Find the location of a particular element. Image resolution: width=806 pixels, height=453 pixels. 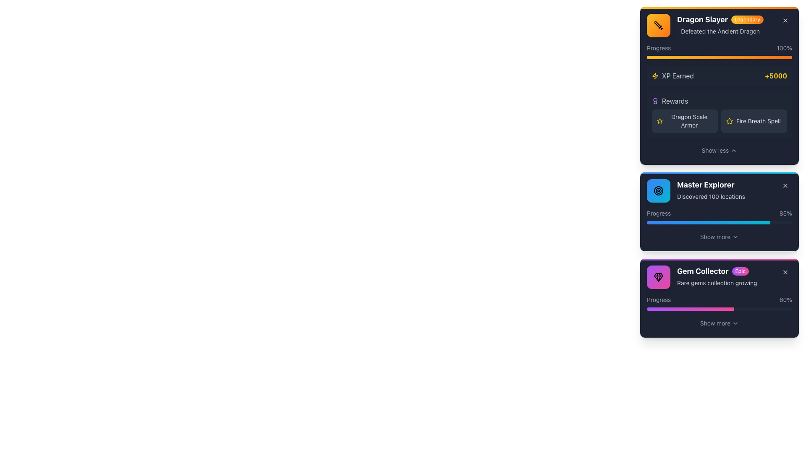

the close button icon located in the top-right corner of the 'Gem Collector' card is located at coordinates (785, 272).